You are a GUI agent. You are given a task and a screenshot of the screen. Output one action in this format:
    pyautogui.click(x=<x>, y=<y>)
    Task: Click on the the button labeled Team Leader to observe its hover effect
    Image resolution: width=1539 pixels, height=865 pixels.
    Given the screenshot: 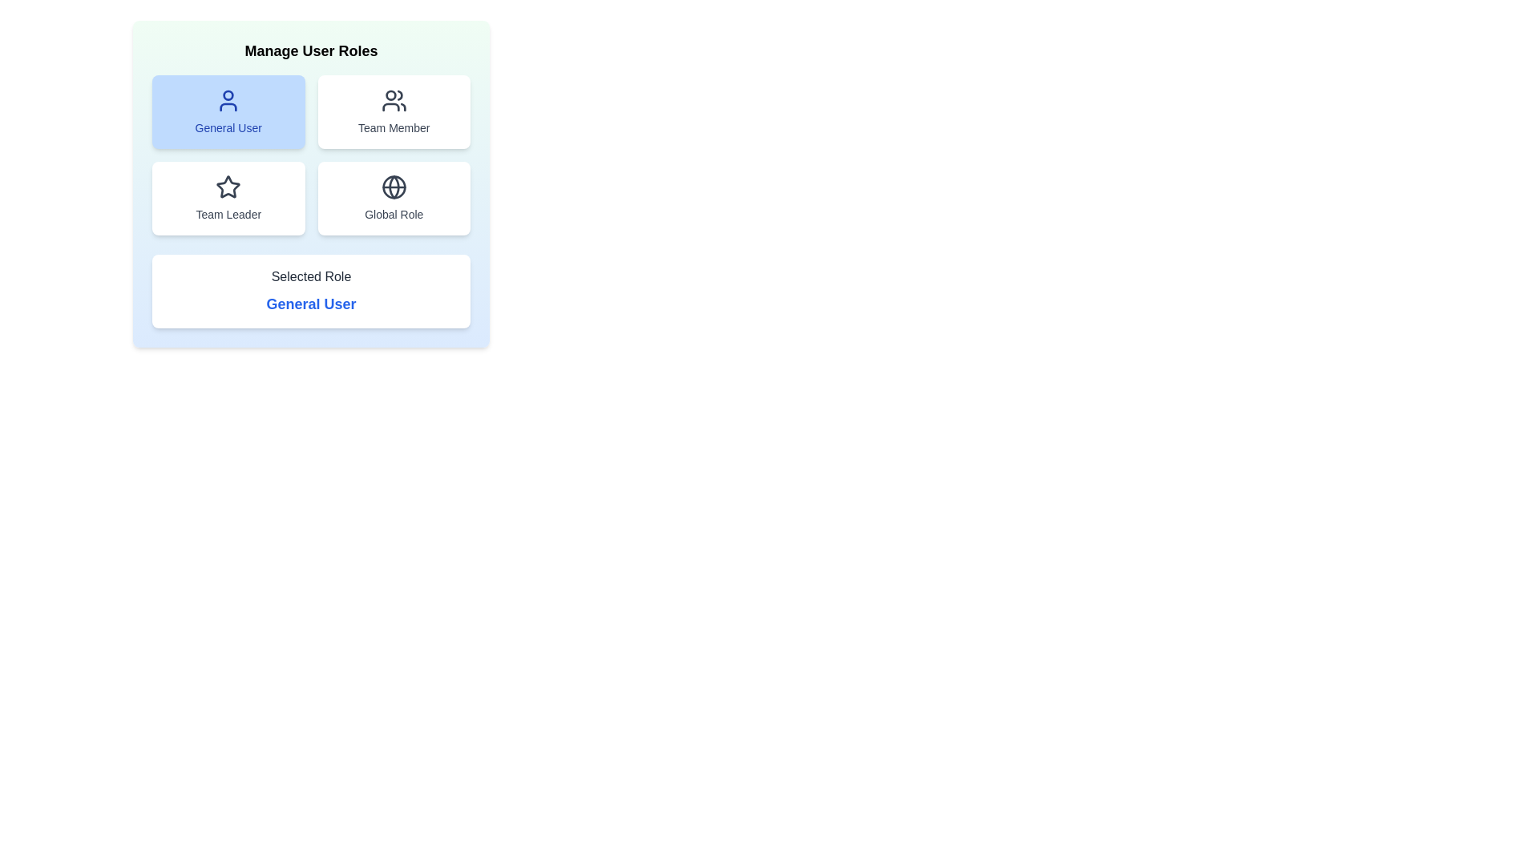 What is the action you would take?
    pyautogui.click(x=228, y=197)
    